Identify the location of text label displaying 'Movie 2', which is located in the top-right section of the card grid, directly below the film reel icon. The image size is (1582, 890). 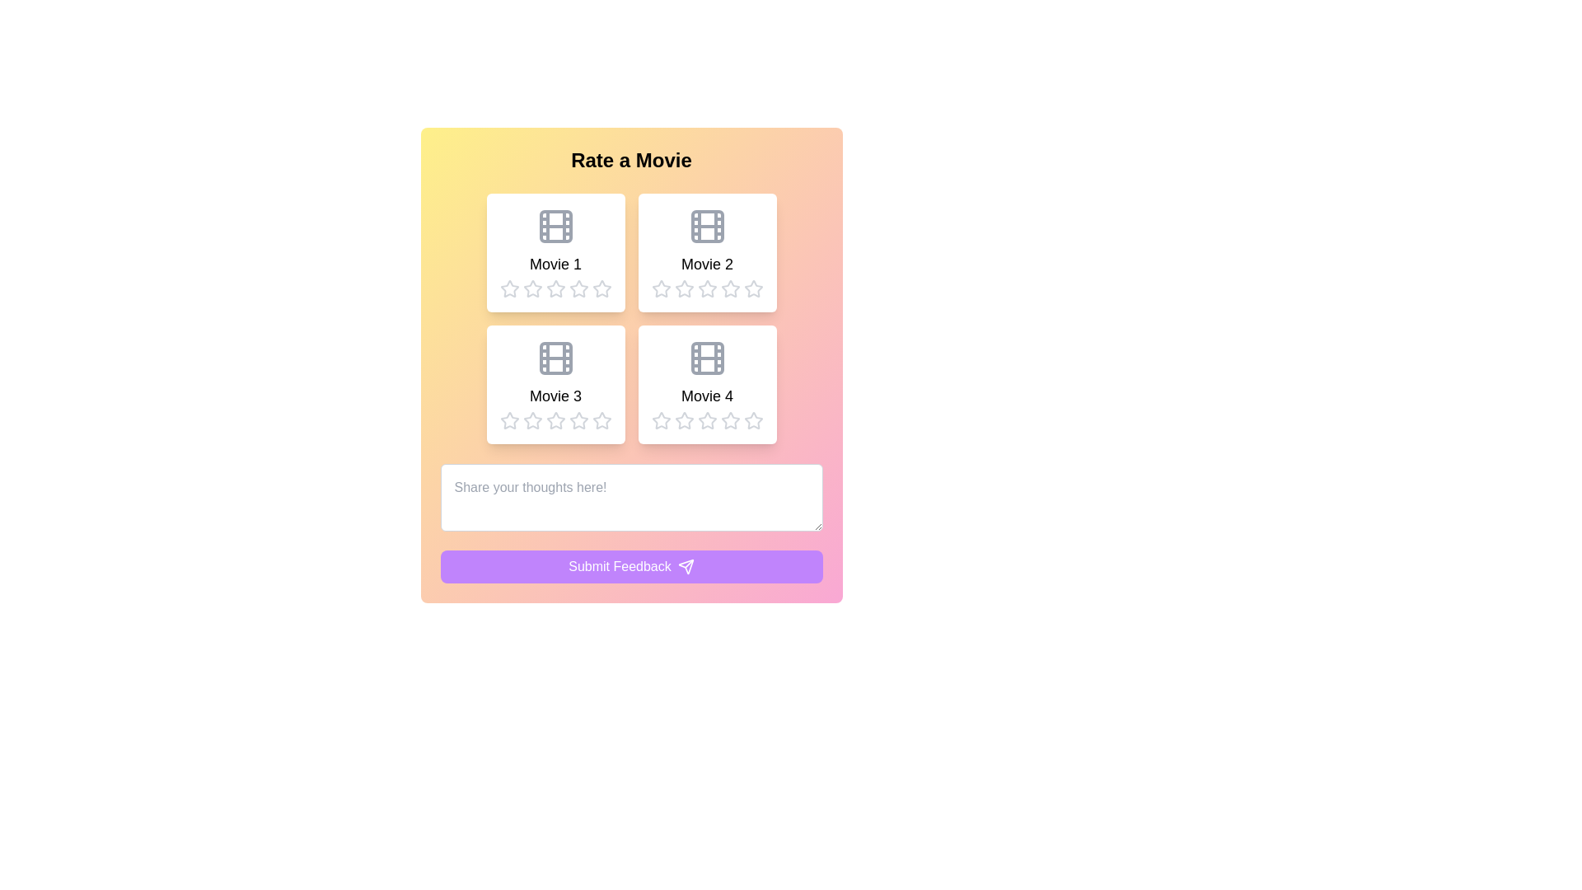
(707, 263).